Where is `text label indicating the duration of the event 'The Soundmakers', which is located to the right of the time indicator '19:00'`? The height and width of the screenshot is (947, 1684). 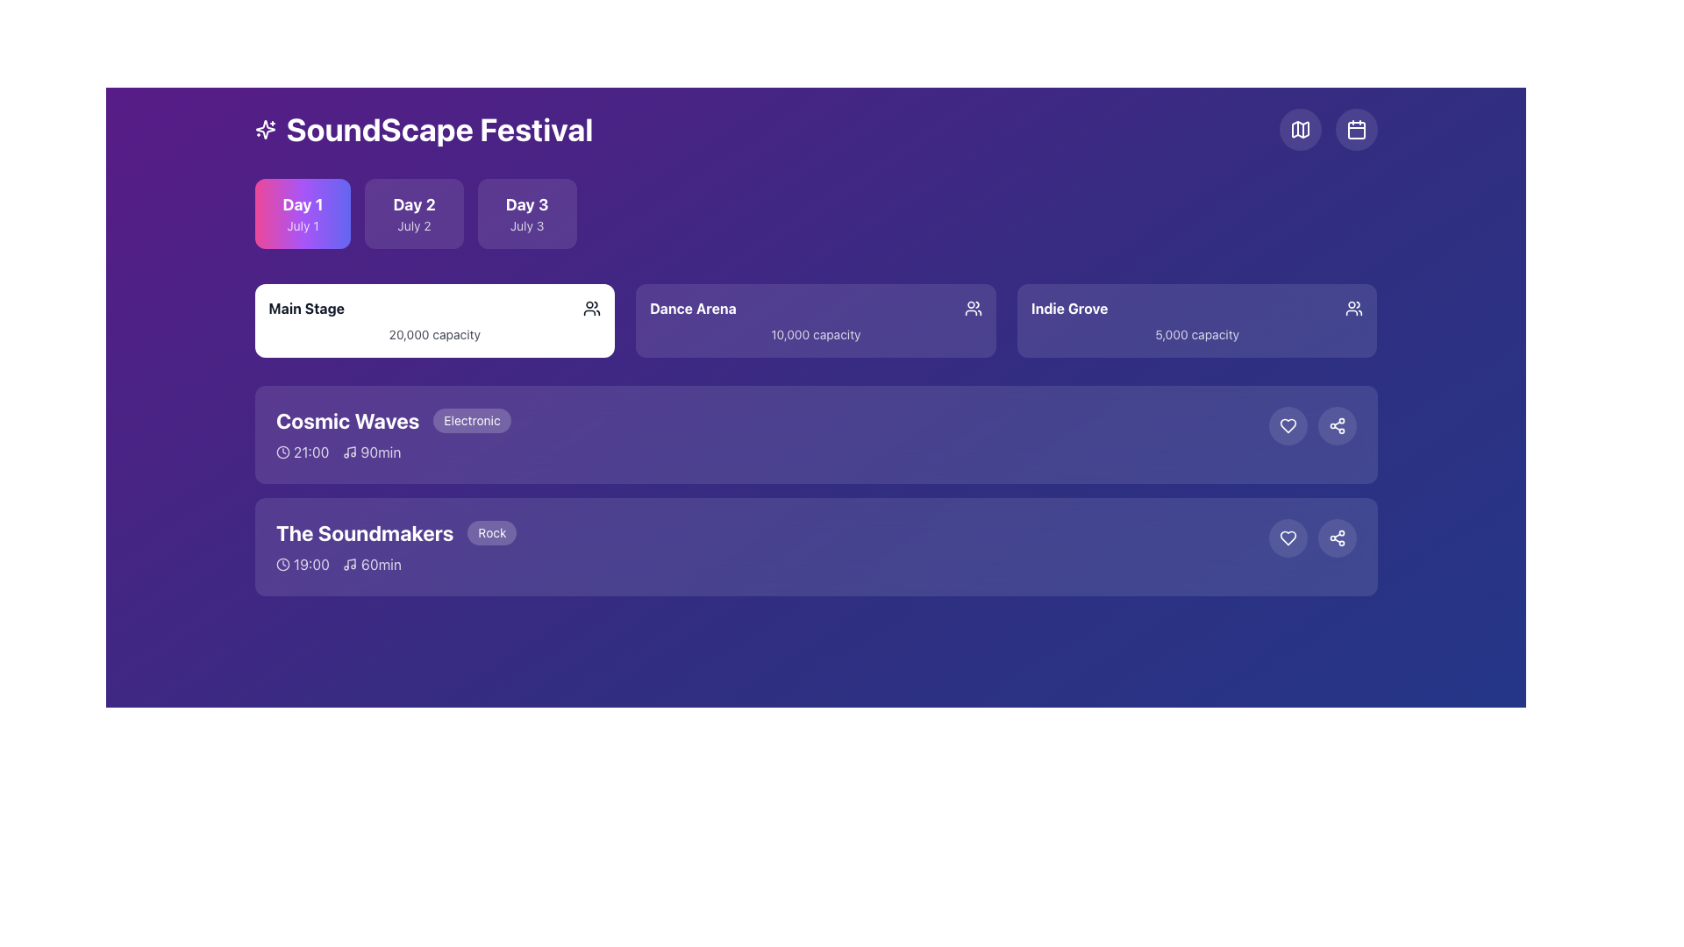
text label indicating the duration of the event 'The Soundmakers', which is located to the right of the time indicator '19:00' is located at coordinates (371, 565).